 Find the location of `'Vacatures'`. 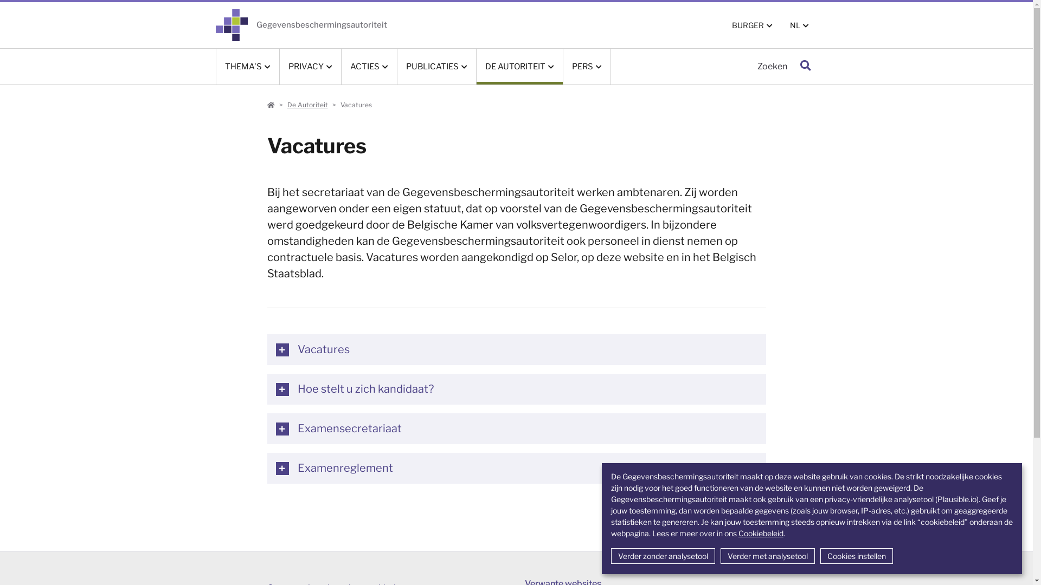

'Vacatures' is located at coordinates (266, 349).